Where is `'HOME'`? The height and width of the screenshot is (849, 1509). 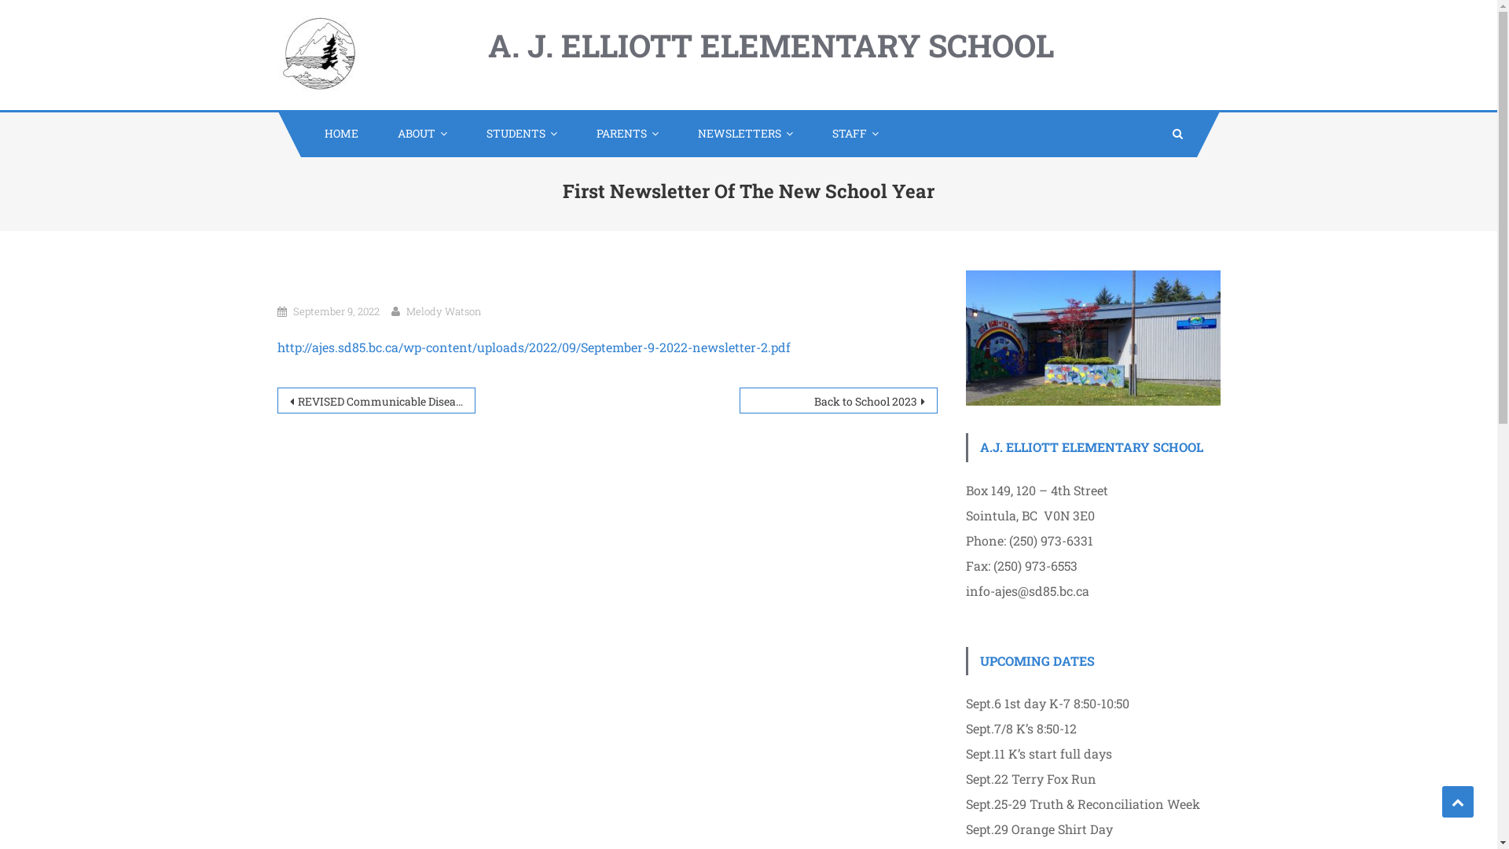
'HOME' is located at coordinates (336, 132).